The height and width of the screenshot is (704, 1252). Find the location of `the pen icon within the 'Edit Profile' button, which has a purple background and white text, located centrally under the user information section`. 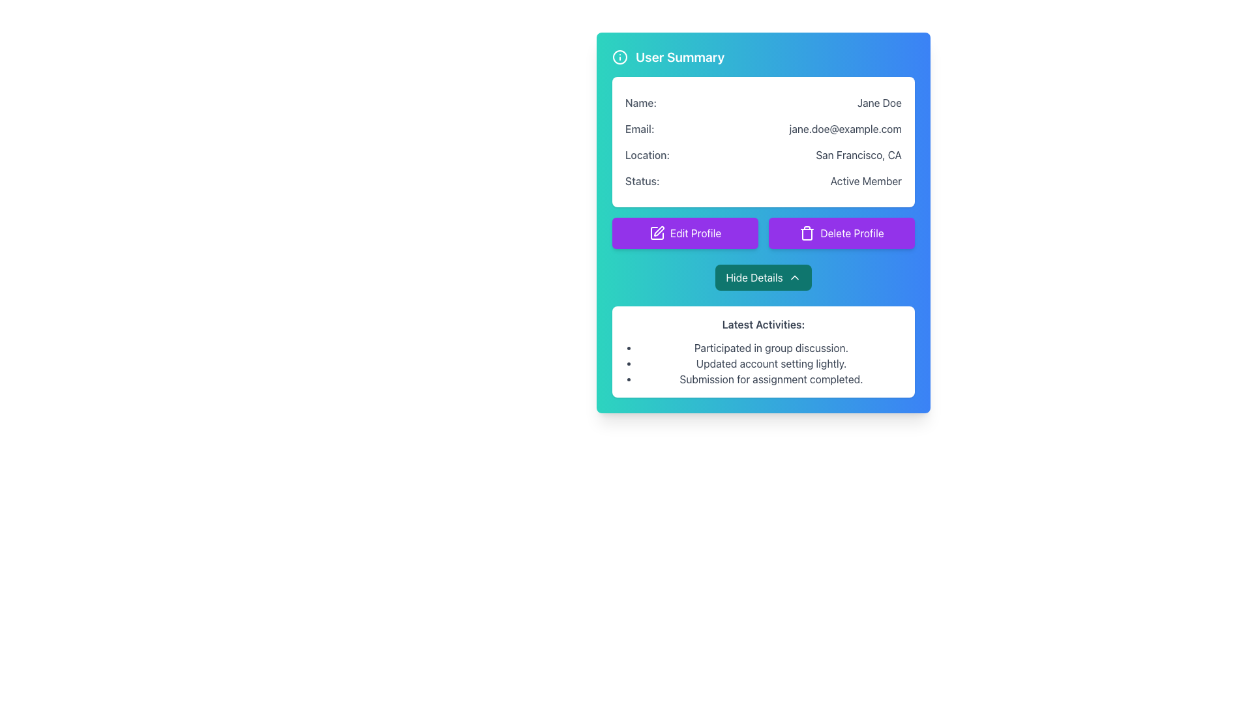

the pen icon within the 'Edit Profile' button, which has a purple background and white text, located centrally under the user information section is located at coordinates (657, 233).